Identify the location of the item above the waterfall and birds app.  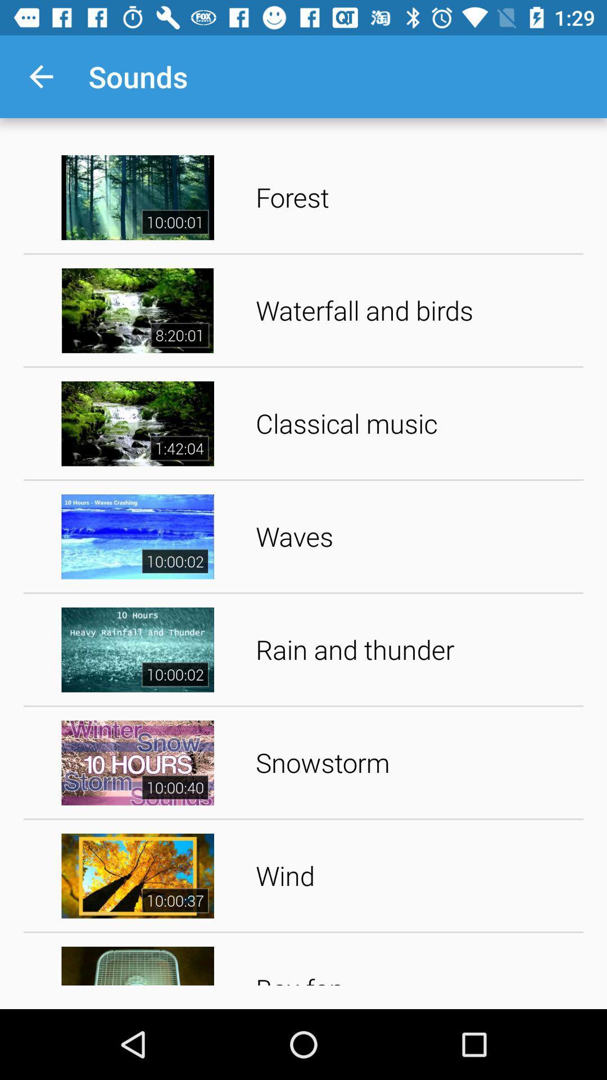
(415, 197).